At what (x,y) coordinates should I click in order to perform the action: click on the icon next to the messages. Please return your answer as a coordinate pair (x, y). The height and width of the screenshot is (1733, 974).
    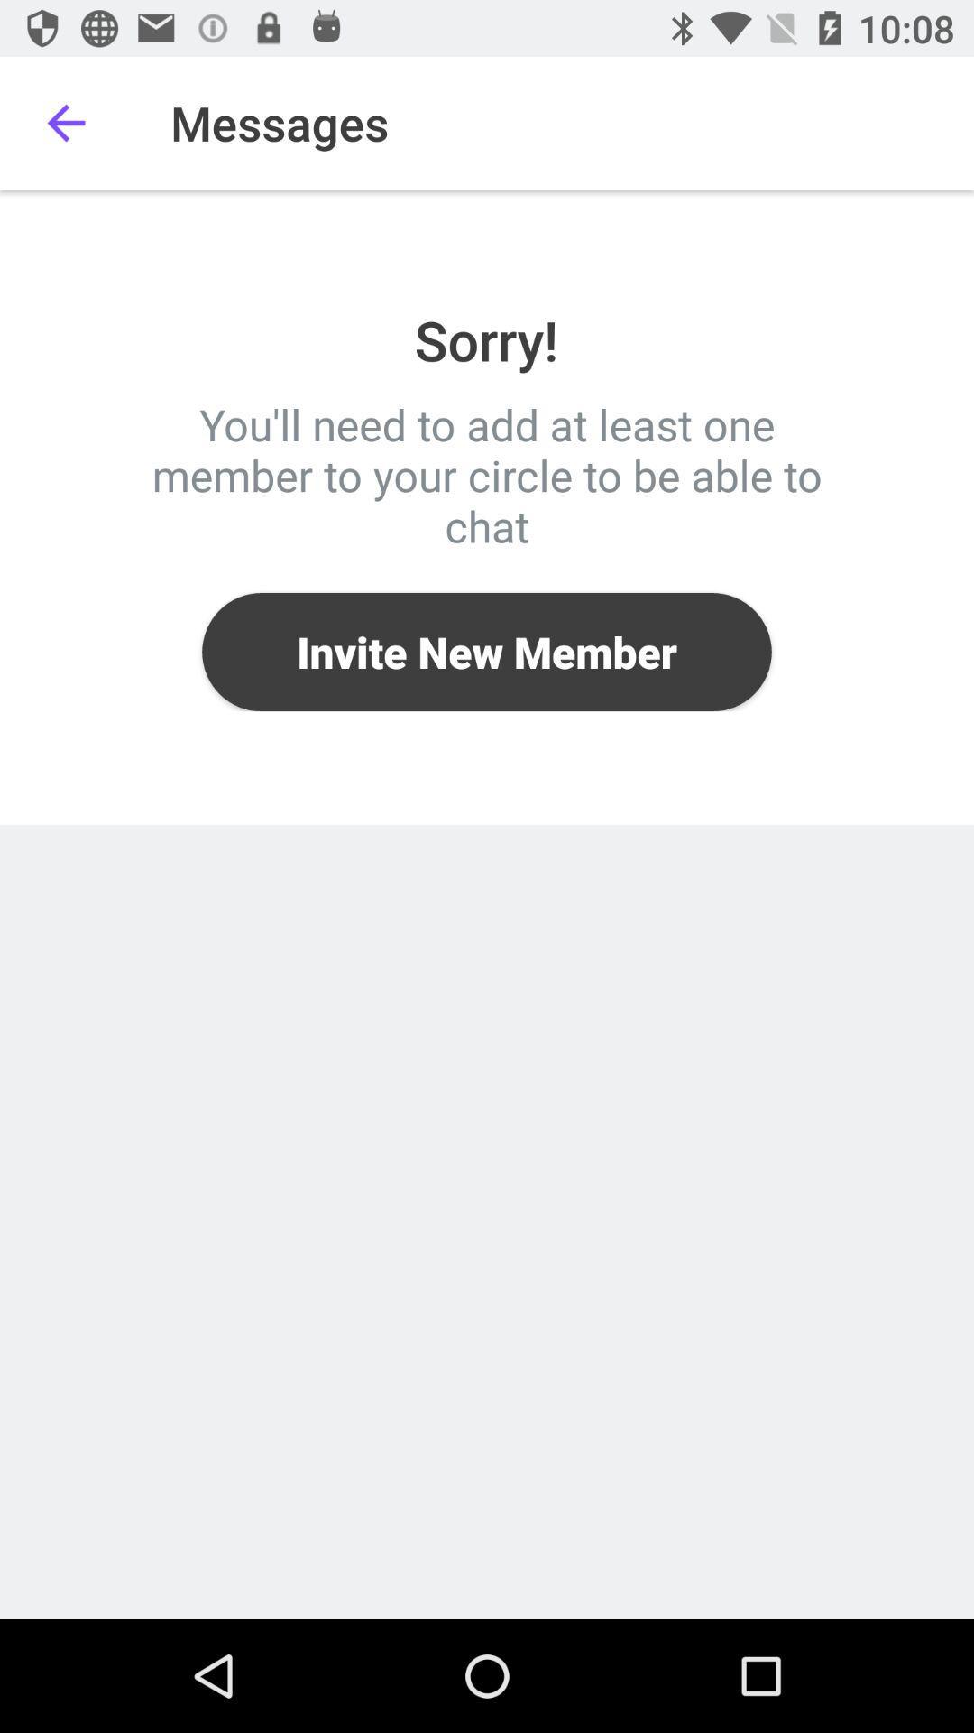
    Looking at the image, I should click on (65, 122).